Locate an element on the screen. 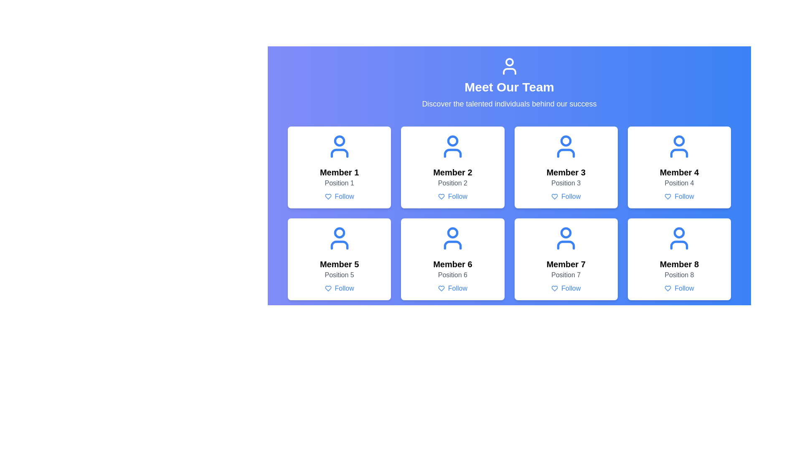 This screenshot has height=451, width=802. the heart-shaped icon within the 'Member 4' section, located below the name and title text, adjacent to the 'Follow' label is located at coordinates (667, 196).